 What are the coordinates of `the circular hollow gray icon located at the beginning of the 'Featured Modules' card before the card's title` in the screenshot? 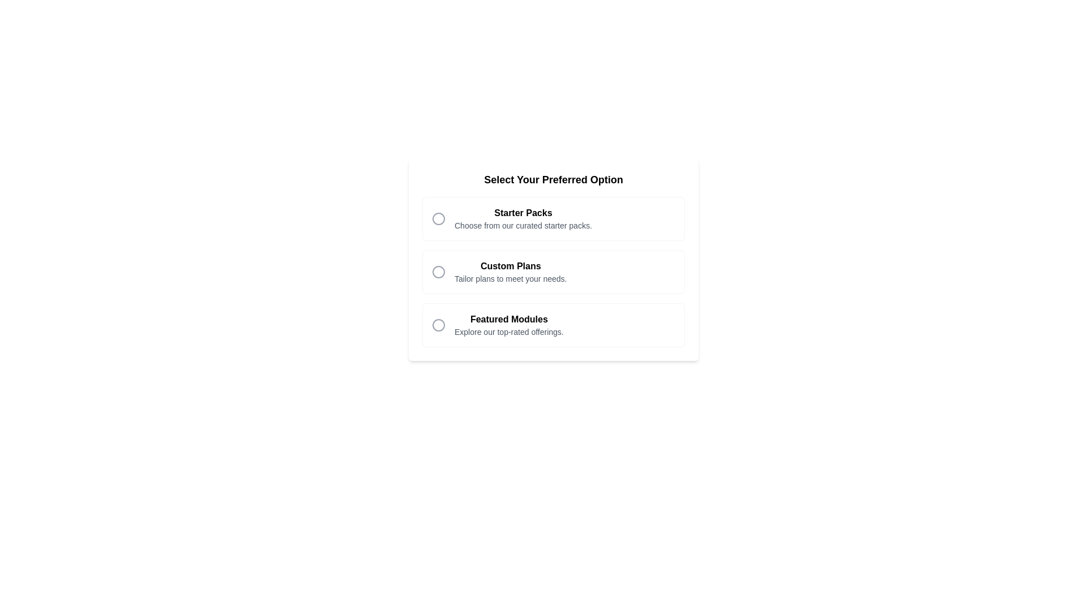 It's located at (438, 325).